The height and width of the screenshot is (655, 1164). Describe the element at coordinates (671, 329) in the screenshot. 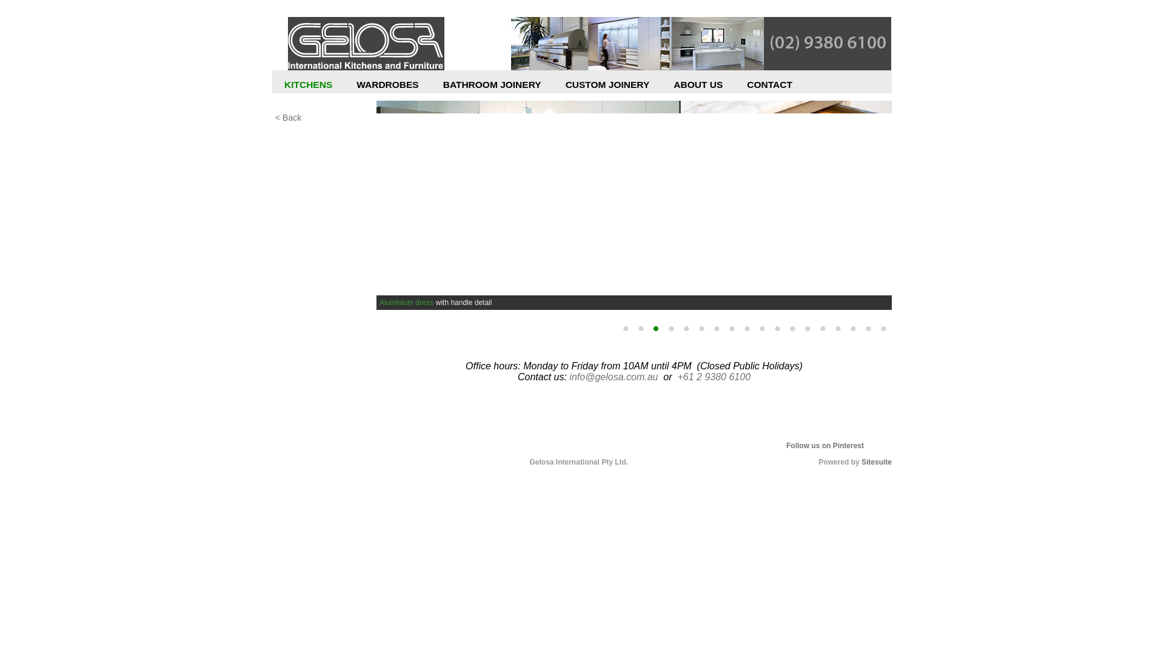

I see `'4'` at that location.